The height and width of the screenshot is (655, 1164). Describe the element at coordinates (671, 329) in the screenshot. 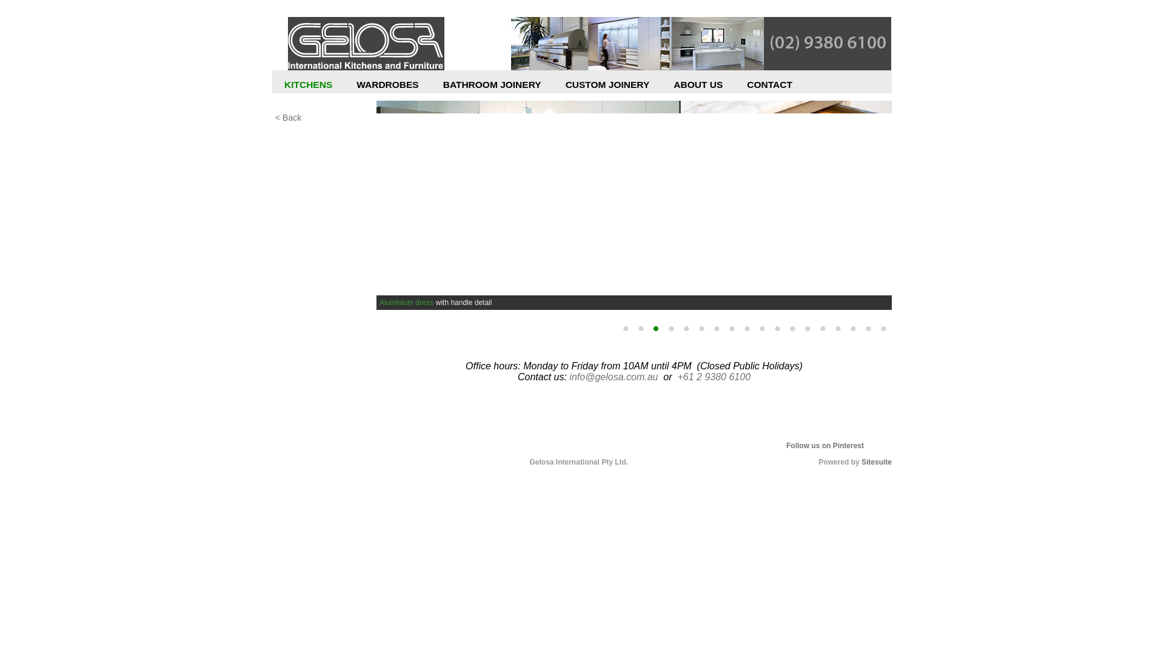

I see `'4'` at that location.